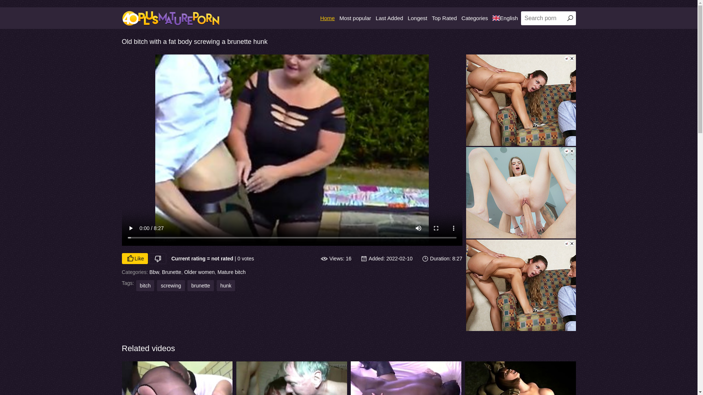 The width and height of the screenshot is (703, 395). Describe the element at coordinates (231, 272) in the screenshot. I see `'Mature bitch'` at that location.